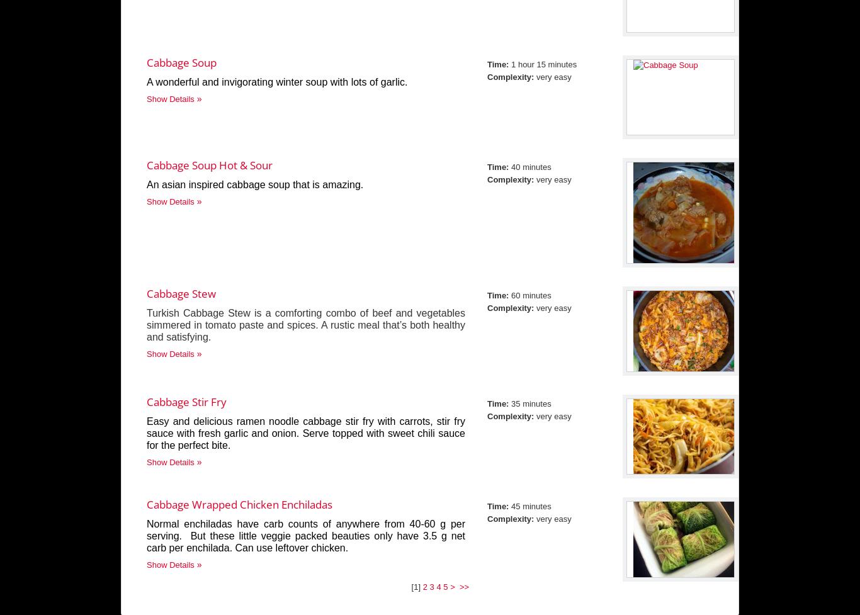 The height and width of the screenshot is (615, 860). Describe the element at coordinates (530, 166) in the screenshot. I see `'40 minutes'` at that location.